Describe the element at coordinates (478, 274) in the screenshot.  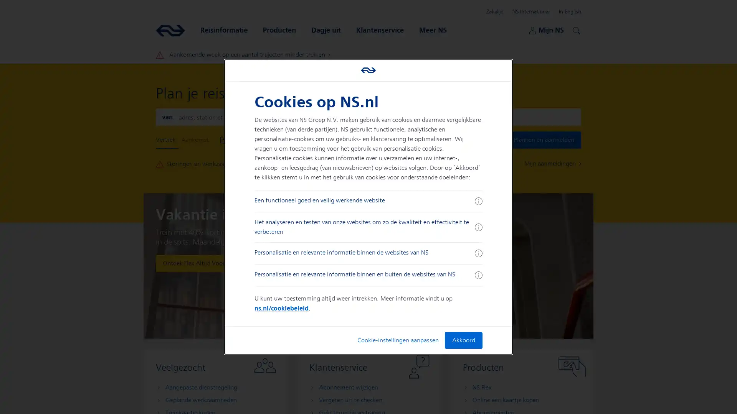
I see `Meer informatie ingeklapt` at that location.